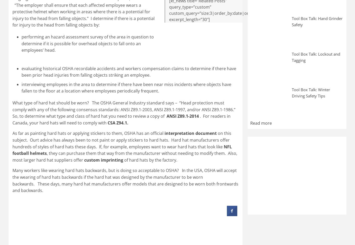 The height and width of the screenshot is (245, 355). What do you see at coordinates (317, 21) in the screenshot?
I see `'Tool Box Talk: Hand Grinder Safety'` at bounding box center [317, 21].